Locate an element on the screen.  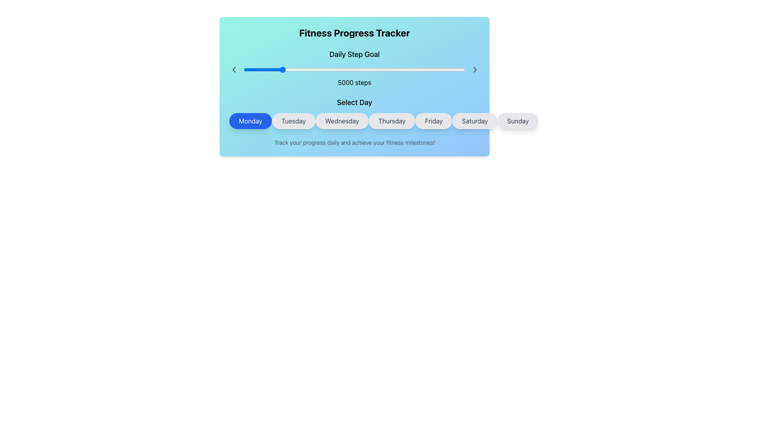
the 'Select Day' text label that is prominently displayed above the day selection buttons is located at coordinates (354, 102).